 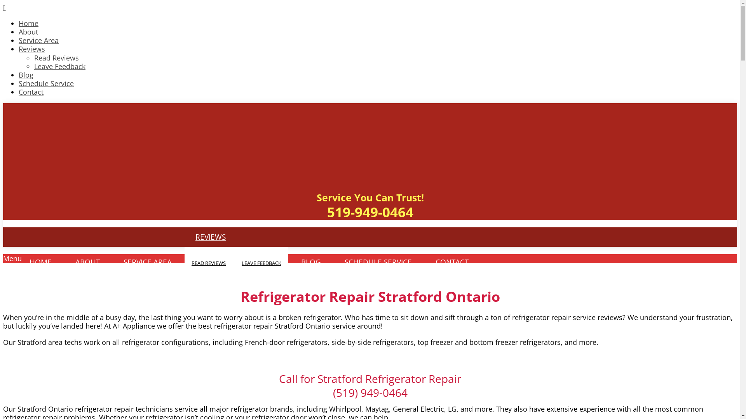 I want to click on 'About', so click(x=28, y=31).